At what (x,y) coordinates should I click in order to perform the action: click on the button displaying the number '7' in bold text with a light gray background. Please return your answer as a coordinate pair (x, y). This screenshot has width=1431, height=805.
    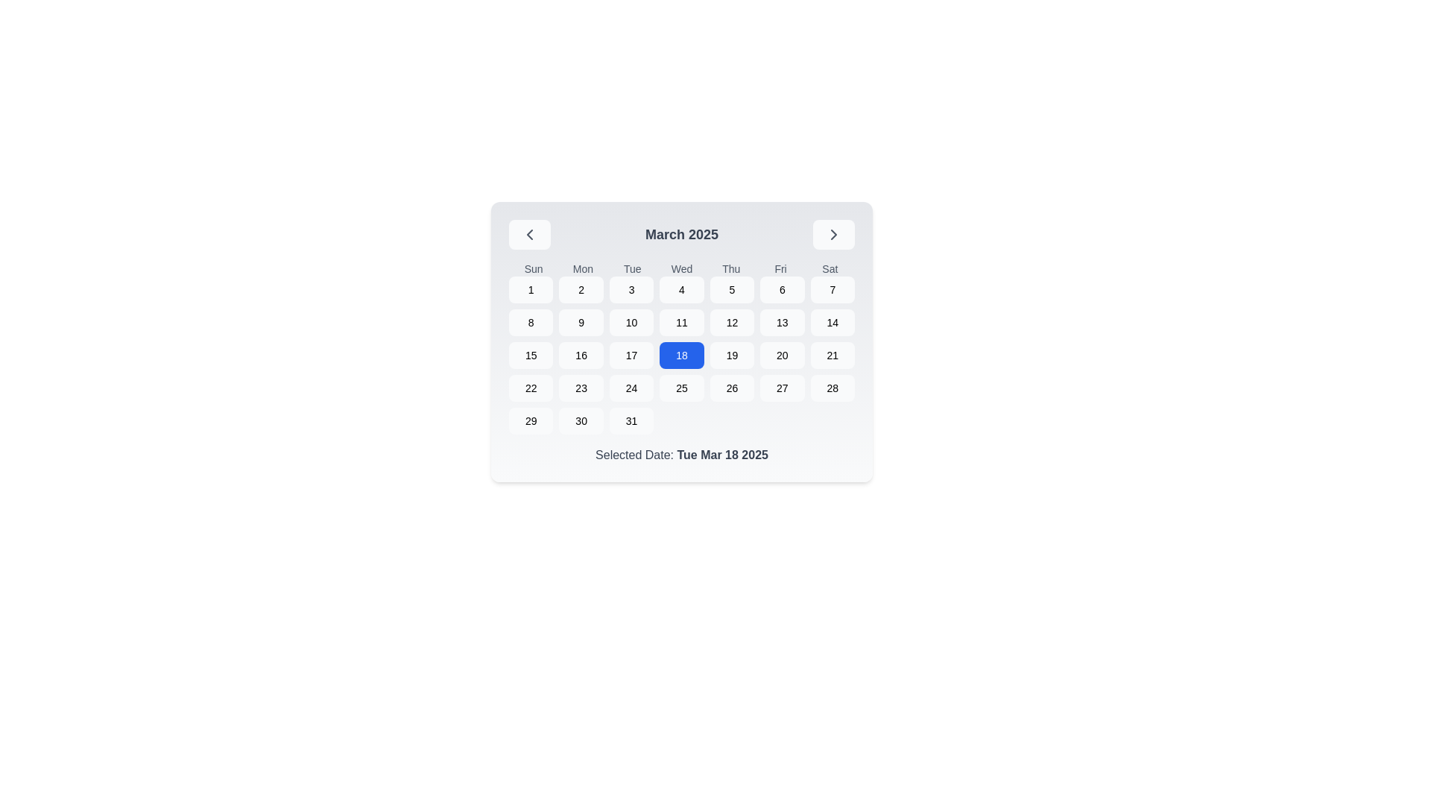
    Looking at the image, I should click on (832, 290).